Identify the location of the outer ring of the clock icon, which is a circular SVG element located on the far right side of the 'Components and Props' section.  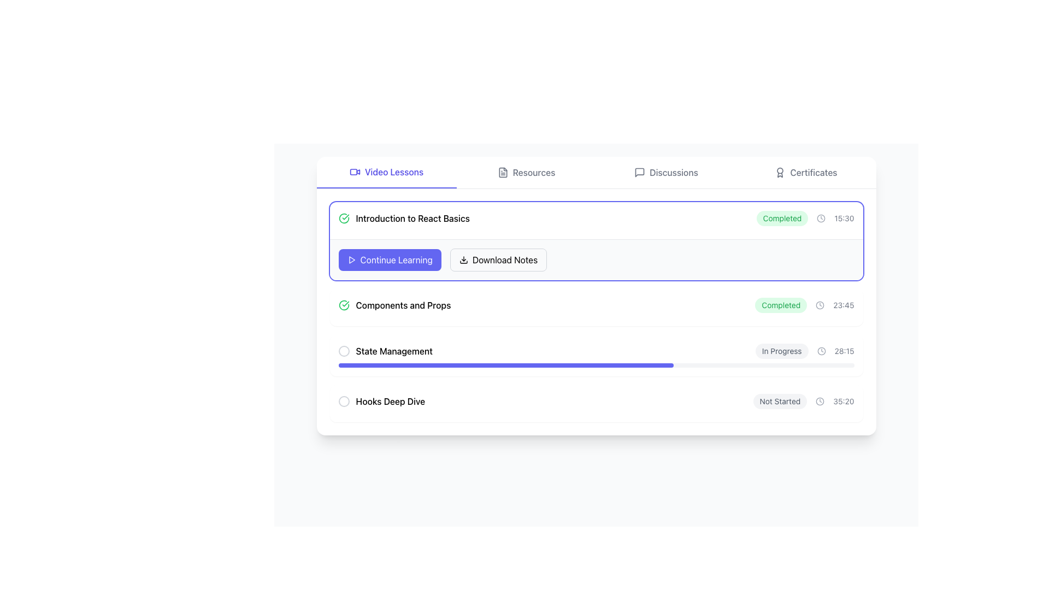
(820, 305).